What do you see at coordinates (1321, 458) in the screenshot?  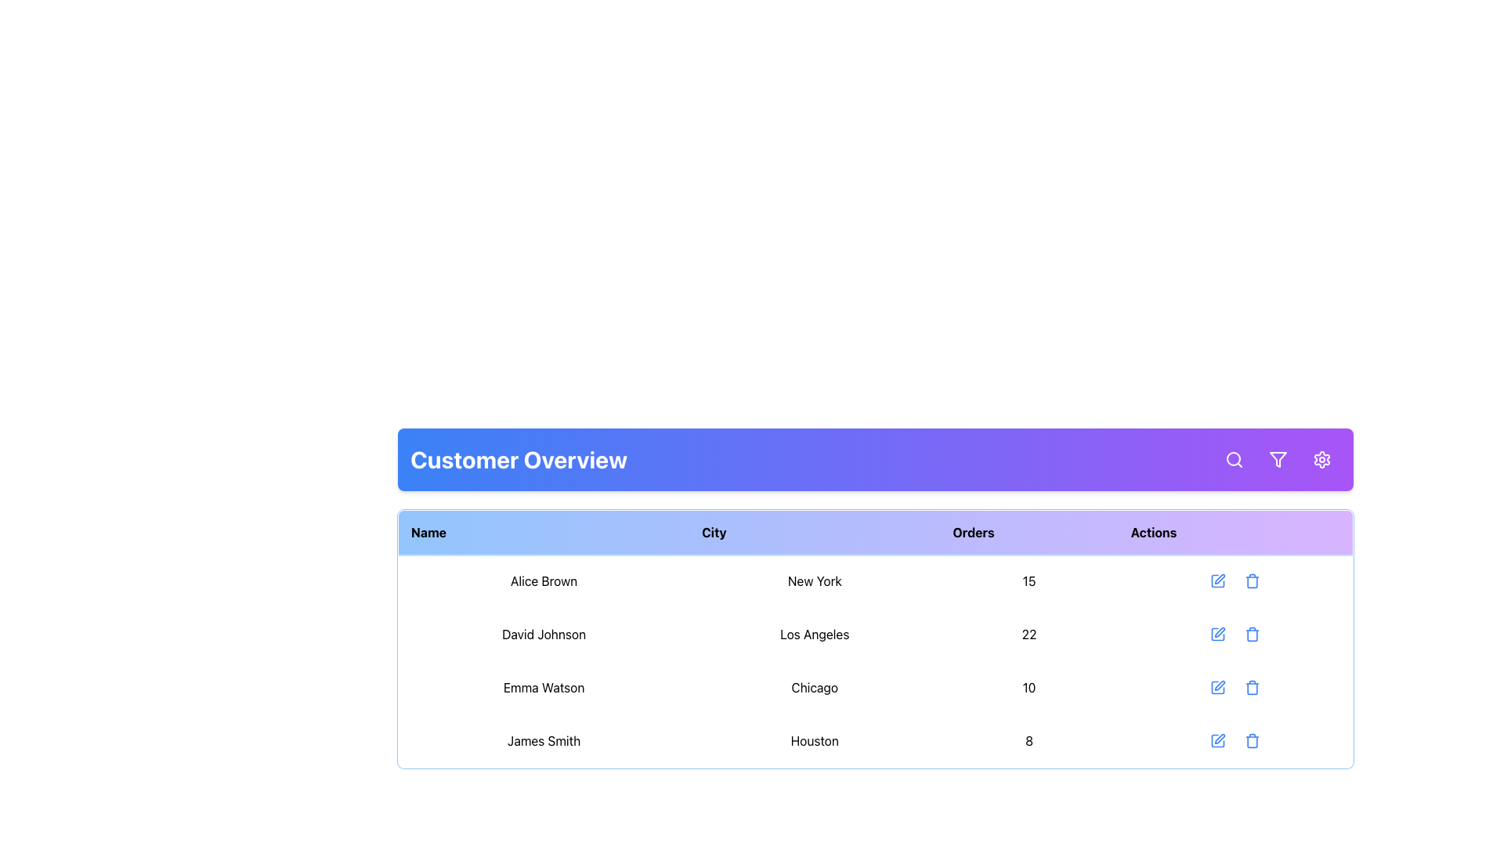 I see `the gear-shaped icon with a purple background located at the far-right side of the horizontal bar above the table` at bounding box center [1321, 458].